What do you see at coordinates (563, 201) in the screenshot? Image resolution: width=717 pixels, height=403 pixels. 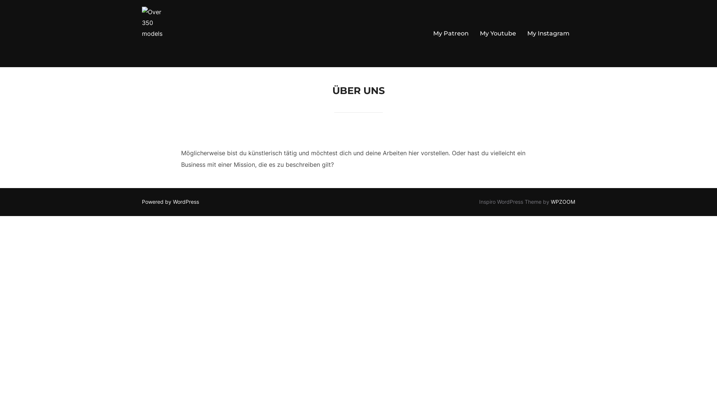 I see `'WPZOOM'` at bounding box center [563, 201].